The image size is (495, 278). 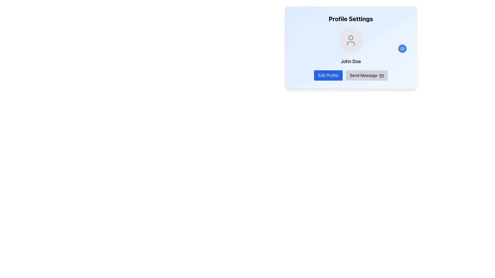 I want to click on the user profile icon, which is a minimalistic circular design with a grayish-blue color, located at the center of a light gray circular area at the top of the profile settings card, so click(x=351, y=40).